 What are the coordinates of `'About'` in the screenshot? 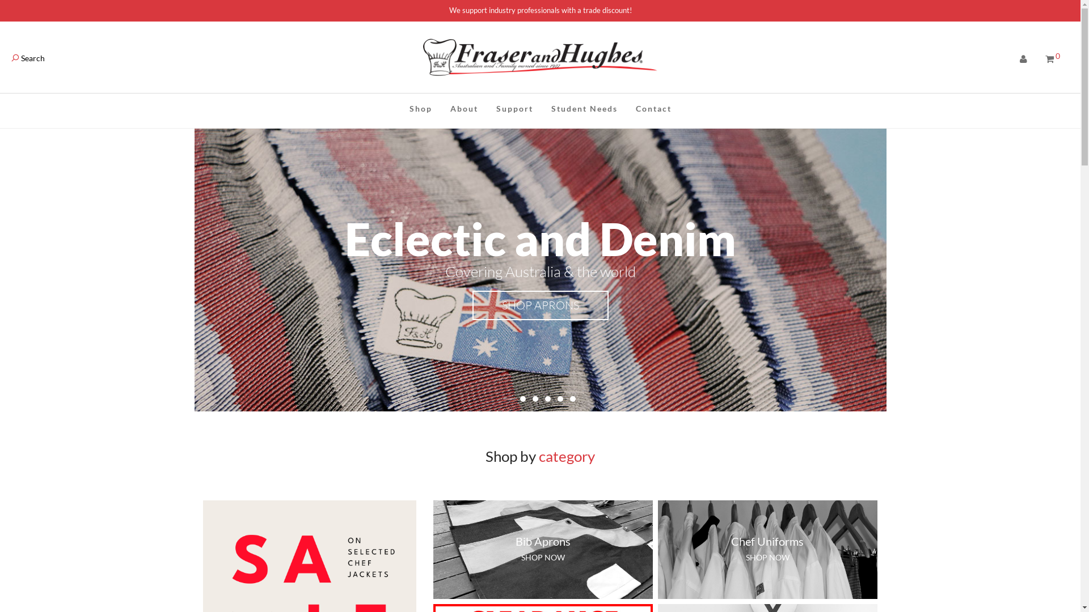 It's located at (440, 108).